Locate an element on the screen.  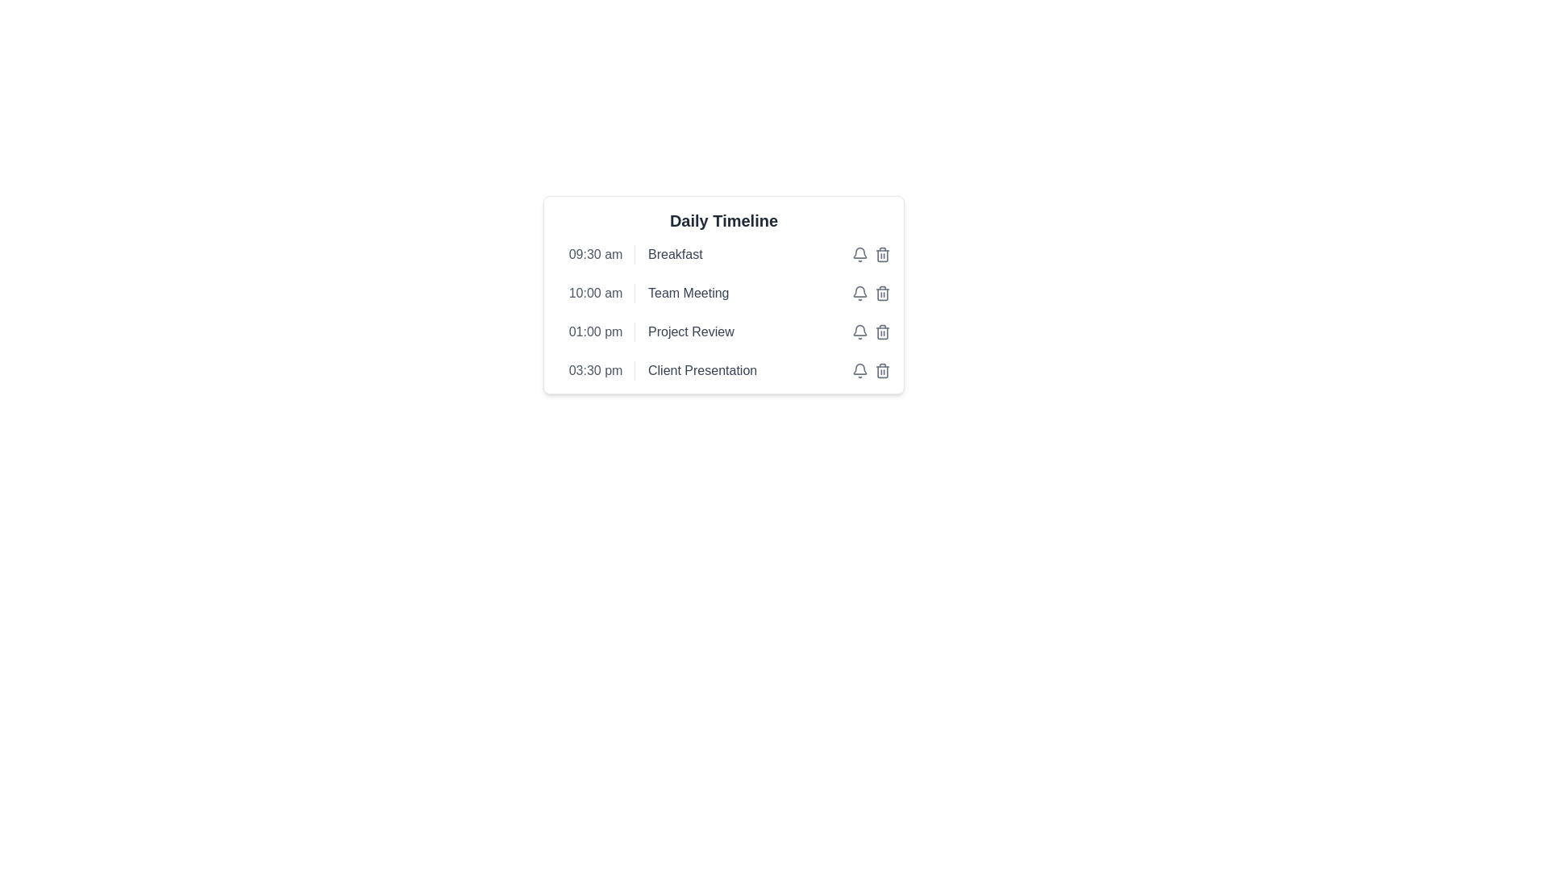
the displayed time '03:30 pm' and event name 'Client Presentation' in the fourth list item under the 'Daily Timeline' heading is located at coordinates (722, 370).